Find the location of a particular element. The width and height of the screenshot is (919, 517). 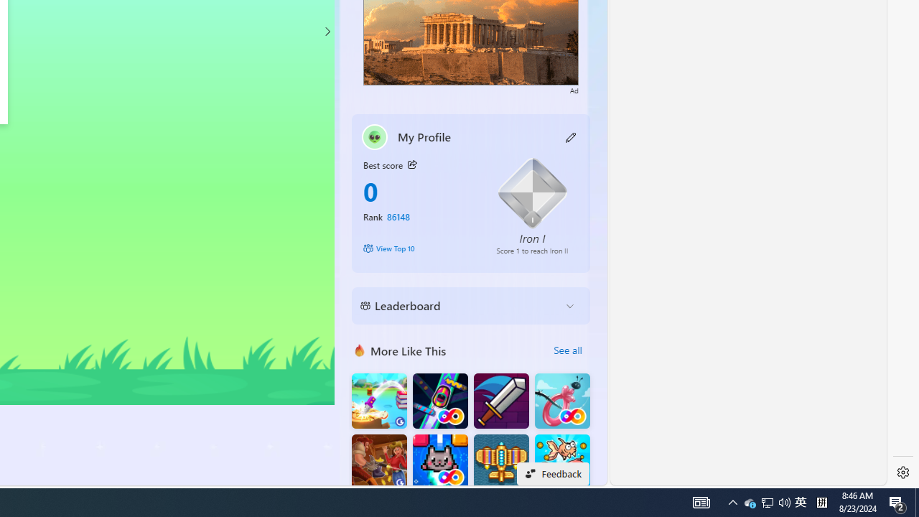

'Balloon FRVR' is located at coordinates (561, 401).